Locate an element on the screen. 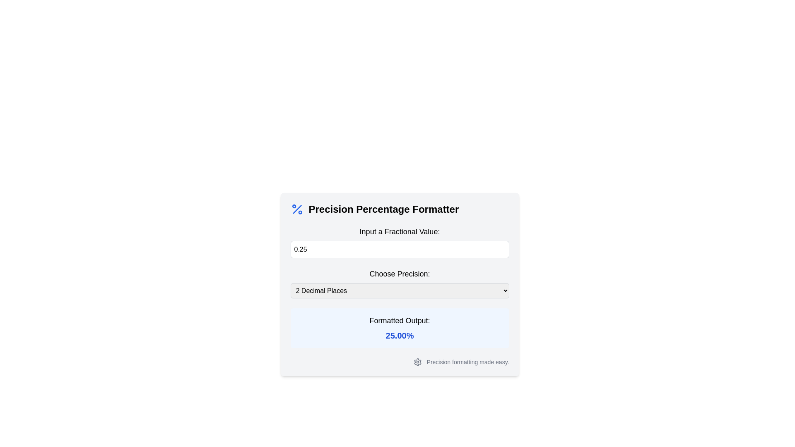 This screenshot has height=447, width=795. the light gray text snippet reading 'Precision formatting made easy' located at the bottom-right corner of the form, next to the gear icon is located at coordinates (468, 362).